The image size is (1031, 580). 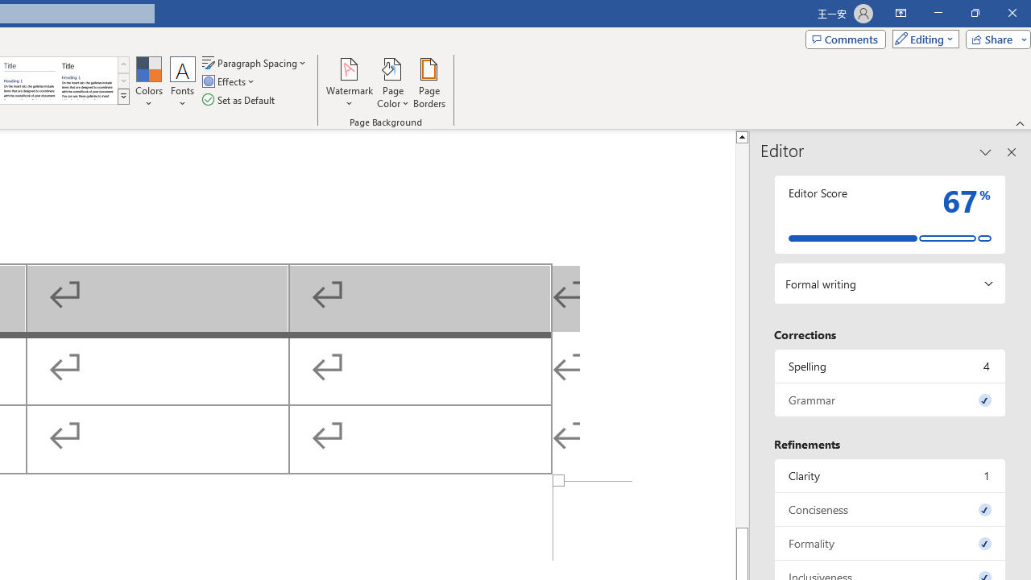 What do you see at coordinates (889, 399) in the screenshot?
I see `'Grammar, 0 issues. Press space or enter to review items.'` at bounding box center [889, 399].